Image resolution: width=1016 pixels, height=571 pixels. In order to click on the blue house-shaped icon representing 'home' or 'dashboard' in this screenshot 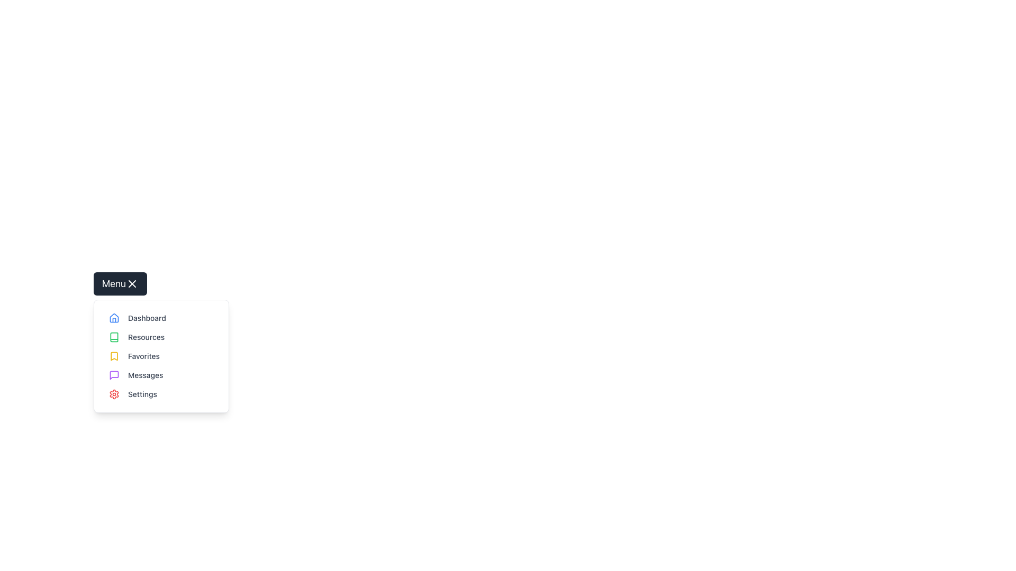, I will do `click(114, 317)`.